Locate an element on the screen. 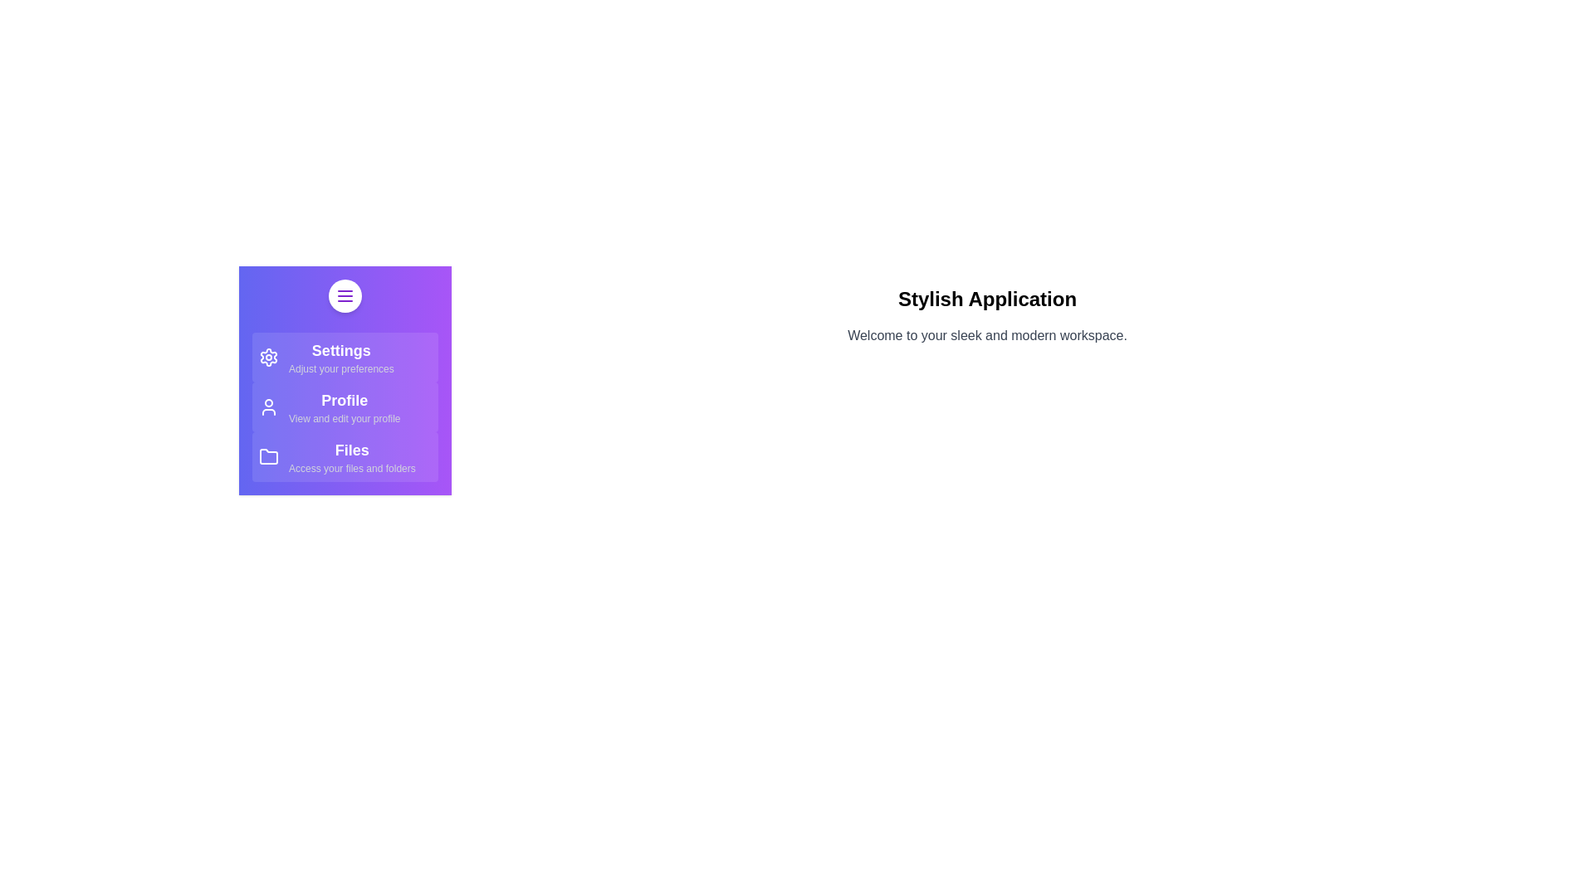 The width and height of the screenshot is (1594, 896). the 'Files' item in the StylishDrawer component is located at coordinates (345, 457).